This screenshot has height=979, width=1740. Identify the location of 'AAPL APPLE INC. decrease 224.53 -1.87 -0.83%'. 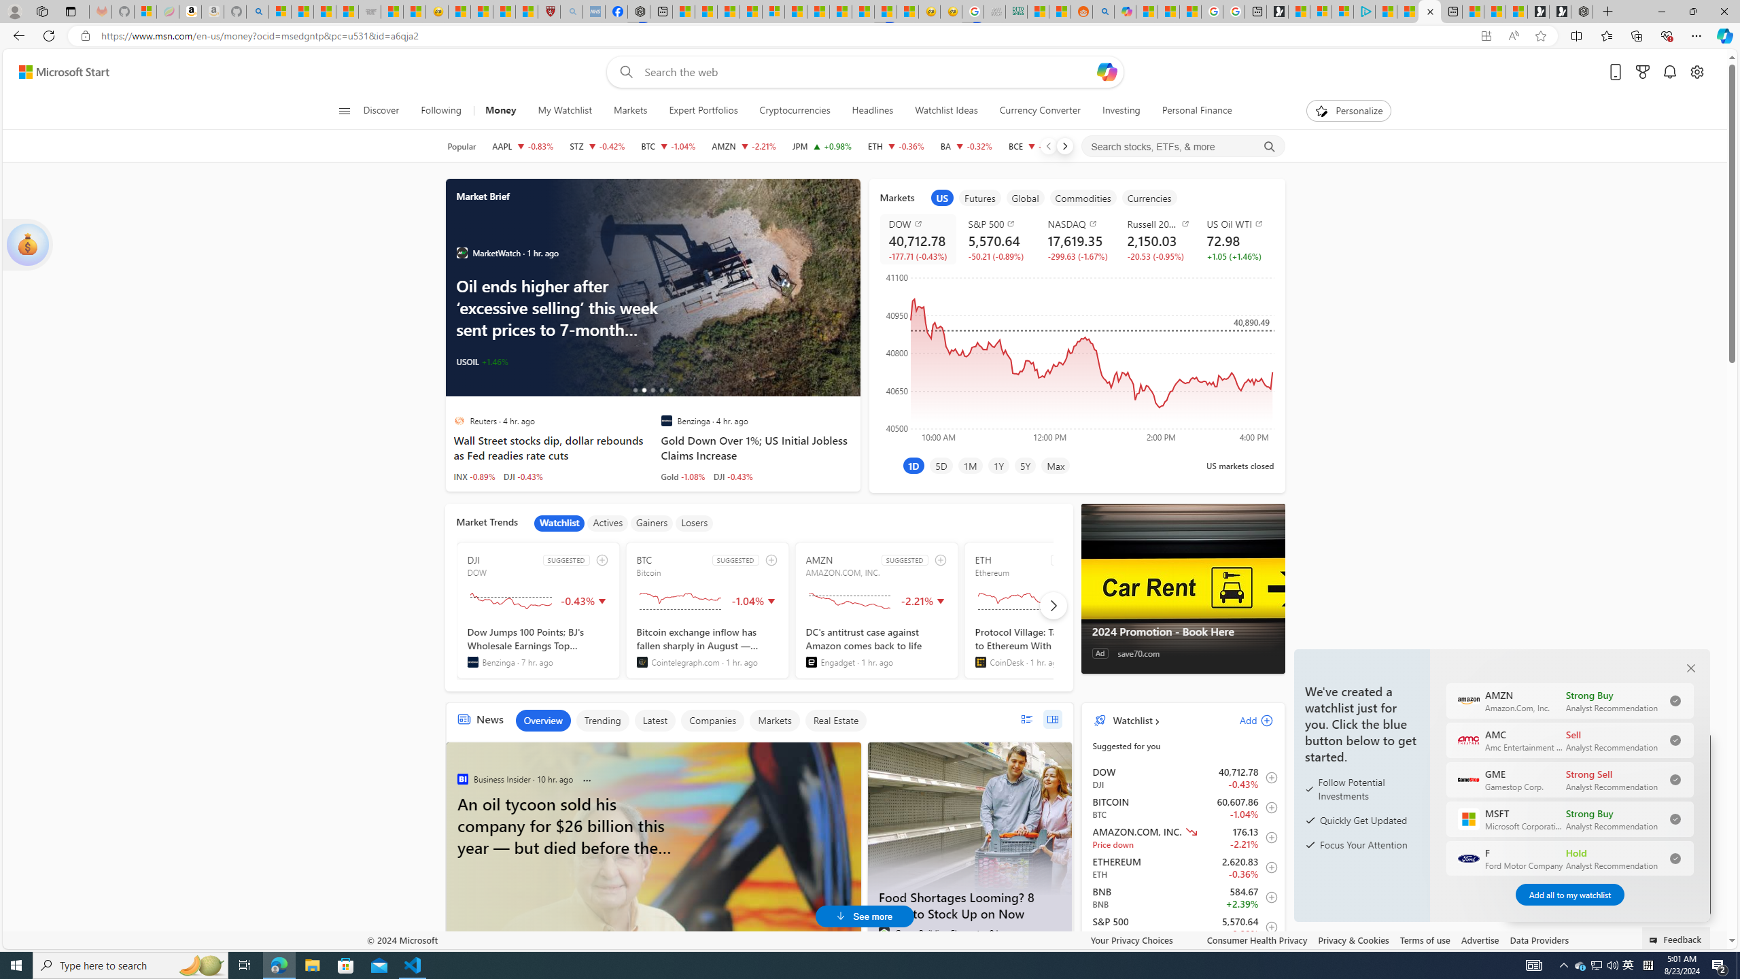
(523, 145).